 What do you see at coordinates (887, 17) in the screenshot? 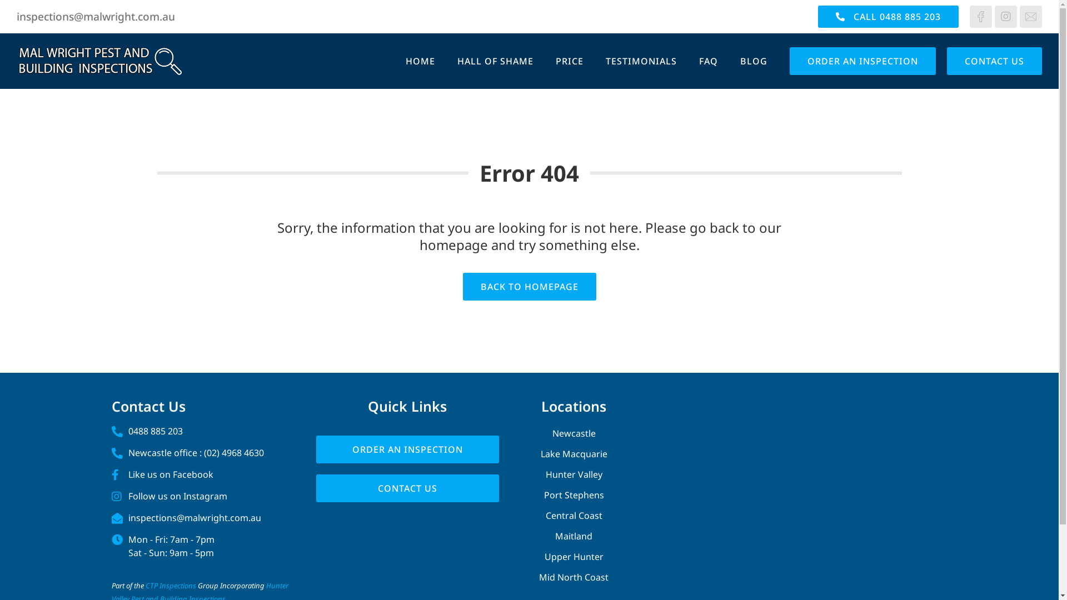
I see `'CALL 0488 885 203'` at bounding box center [887, 17].